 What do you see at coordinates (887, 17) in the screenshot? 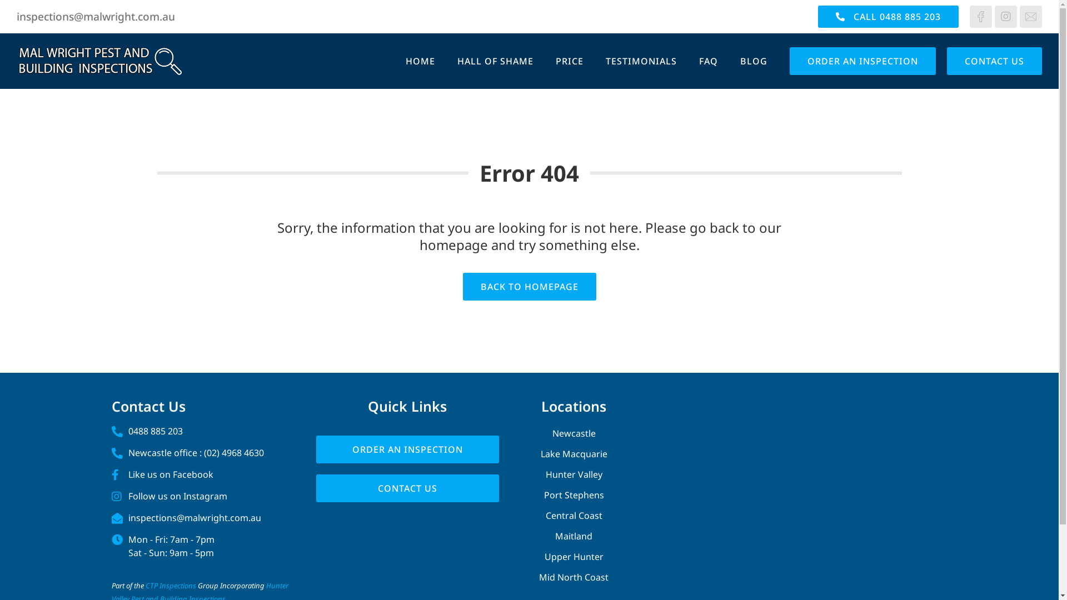
I see `'CALL 0488 885 203'` at bounding box center [887, 17].